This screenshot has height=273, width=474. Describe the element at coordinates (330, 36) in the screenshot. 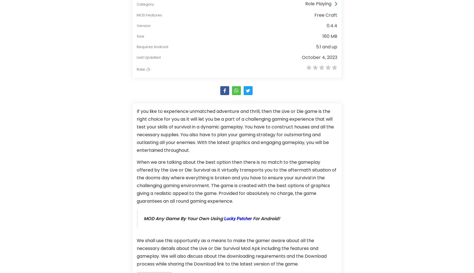

I see `'160 MB'` at that location.